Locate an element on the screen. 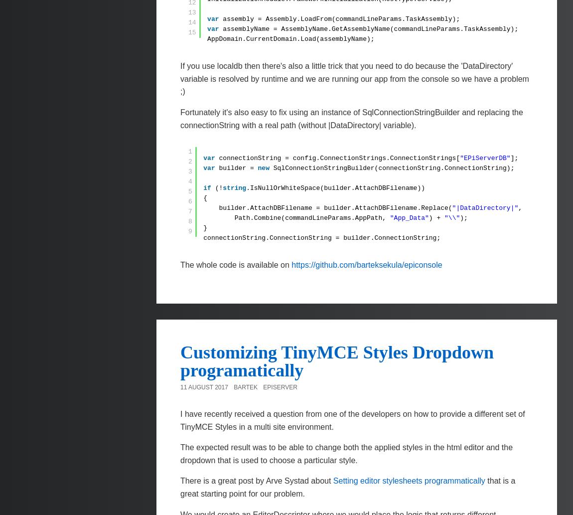 The height and width of the screenshot is (515, 573). 'Customizing TinyMCE Styles Dropdown programatically' is located at coordinates (180, 361).